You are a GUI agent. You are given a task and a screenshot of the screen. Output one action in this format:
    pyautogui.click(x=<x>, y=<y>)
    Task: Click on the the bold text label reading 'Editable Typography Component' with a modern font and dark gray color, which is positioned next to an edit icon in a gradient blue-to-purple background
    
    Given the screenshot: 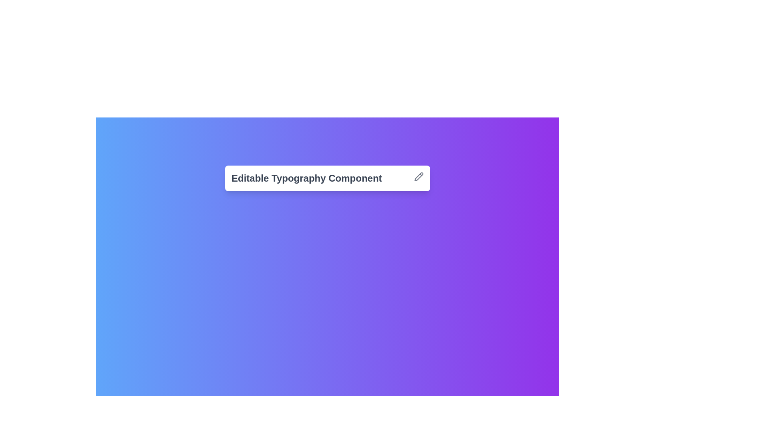 What is the action you would take?
    pyautogui.click(x=306, y=178)
    